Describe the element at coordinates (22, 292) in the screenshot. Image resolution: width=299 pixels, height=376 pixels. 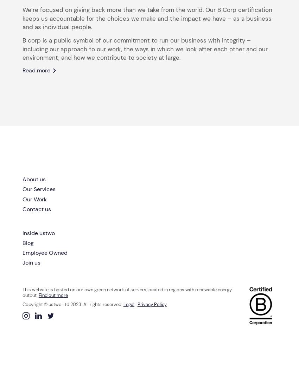
I see `'This website is hosted on our own green network of servers located in regions with renewable energy output.'` at that location.